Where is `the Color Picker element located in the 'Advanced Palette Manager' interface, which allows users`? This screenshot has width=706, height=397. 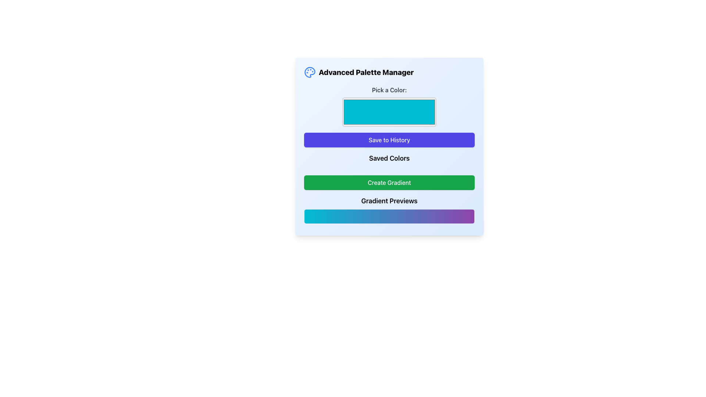 the Color Picker element located in the 'Advanced Palette Manager' interface, which allows users is located at coordinates (389, 106).